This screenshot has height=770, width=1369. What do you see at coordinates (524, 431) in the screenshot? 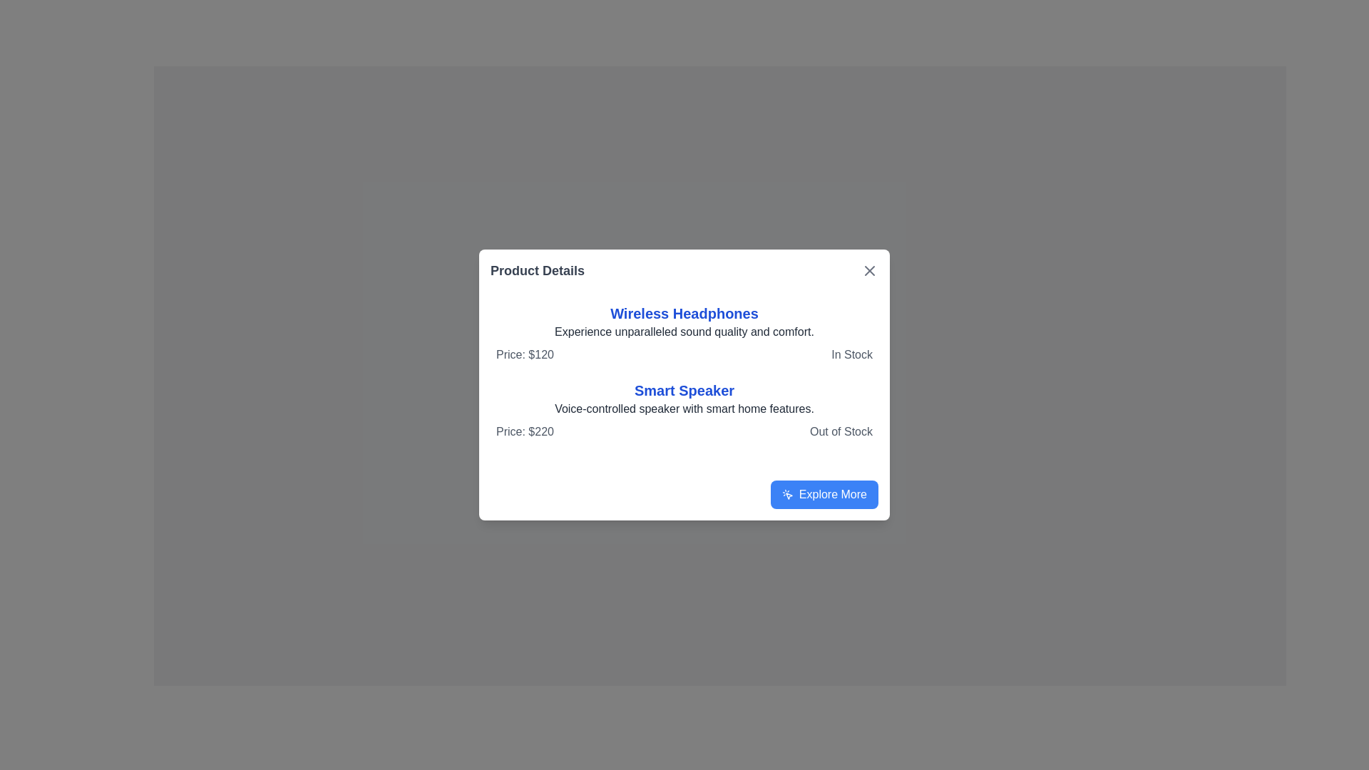
I see `the static label displaying the price of the 'Smart Speaker' located in the lower-left portion of the product details card, next to the 'Out of Stock' indicator` at bounding box center [524, 431].